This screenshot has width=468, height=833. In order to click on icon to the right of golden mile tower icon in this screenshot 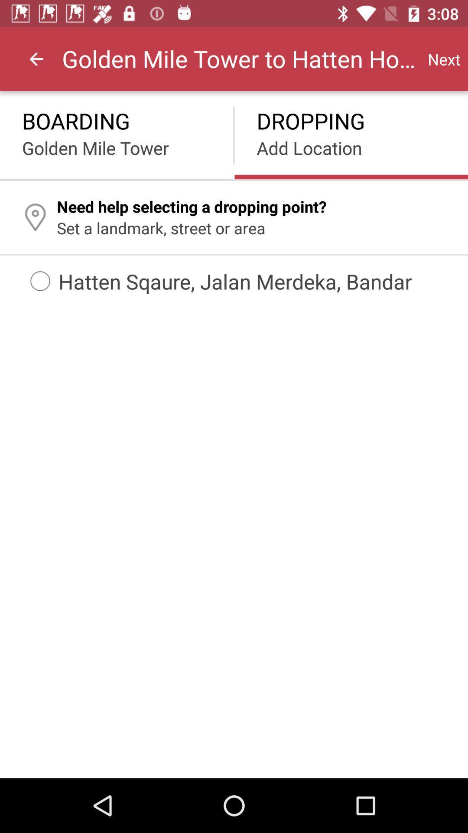, I will do `click(444, 59)`.